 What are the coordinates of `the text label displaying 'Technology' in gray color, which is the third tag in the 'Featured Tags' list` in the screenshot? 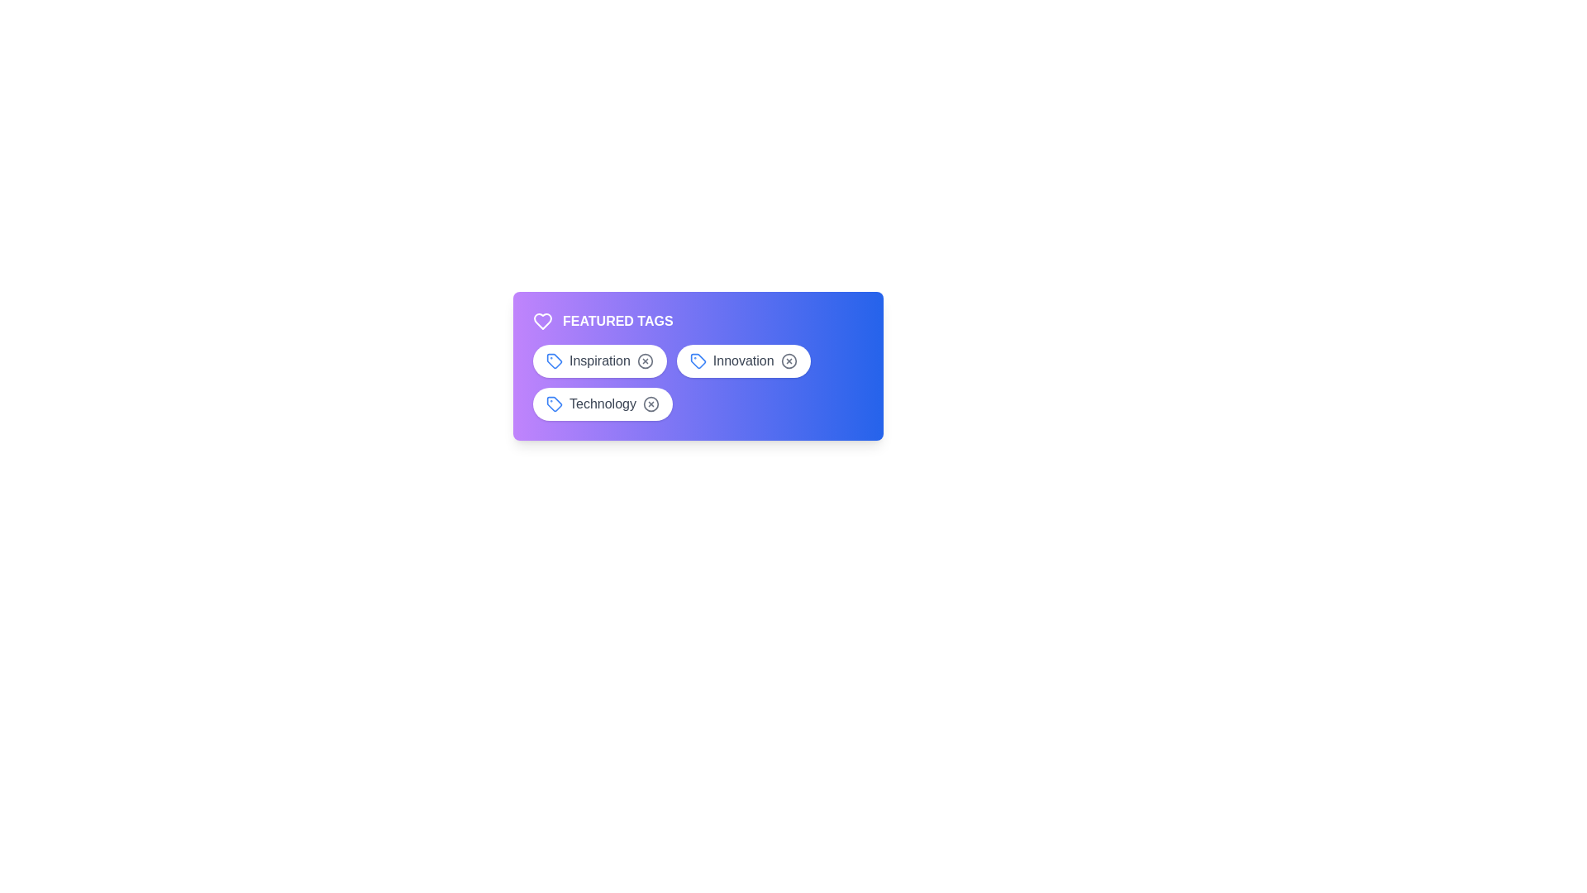 It's located at (602, 404).